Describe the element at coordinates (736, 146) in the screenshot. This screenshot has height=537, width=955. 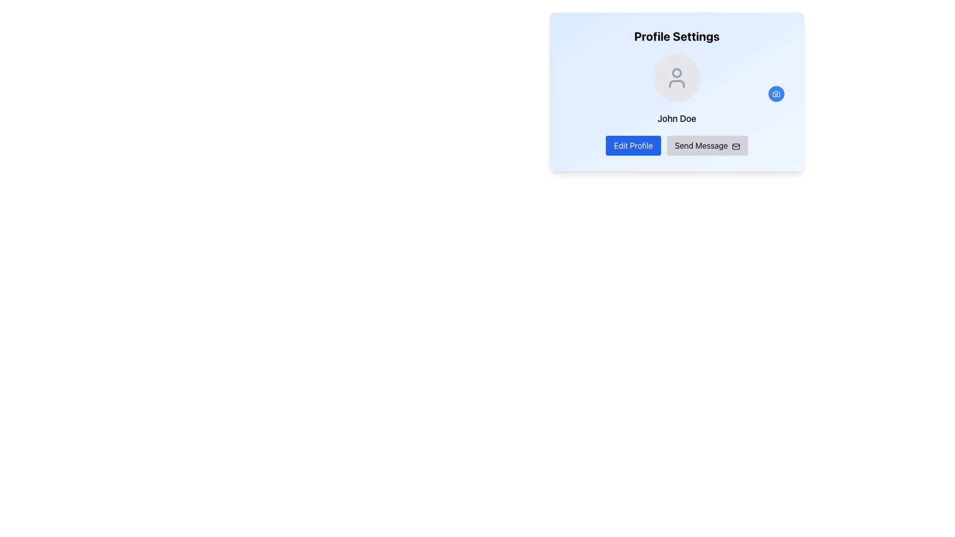
I see `the envelope-shaped icon located immediately to the right of the 'Send Message' button in the 'Profile Settings' section` at that location.